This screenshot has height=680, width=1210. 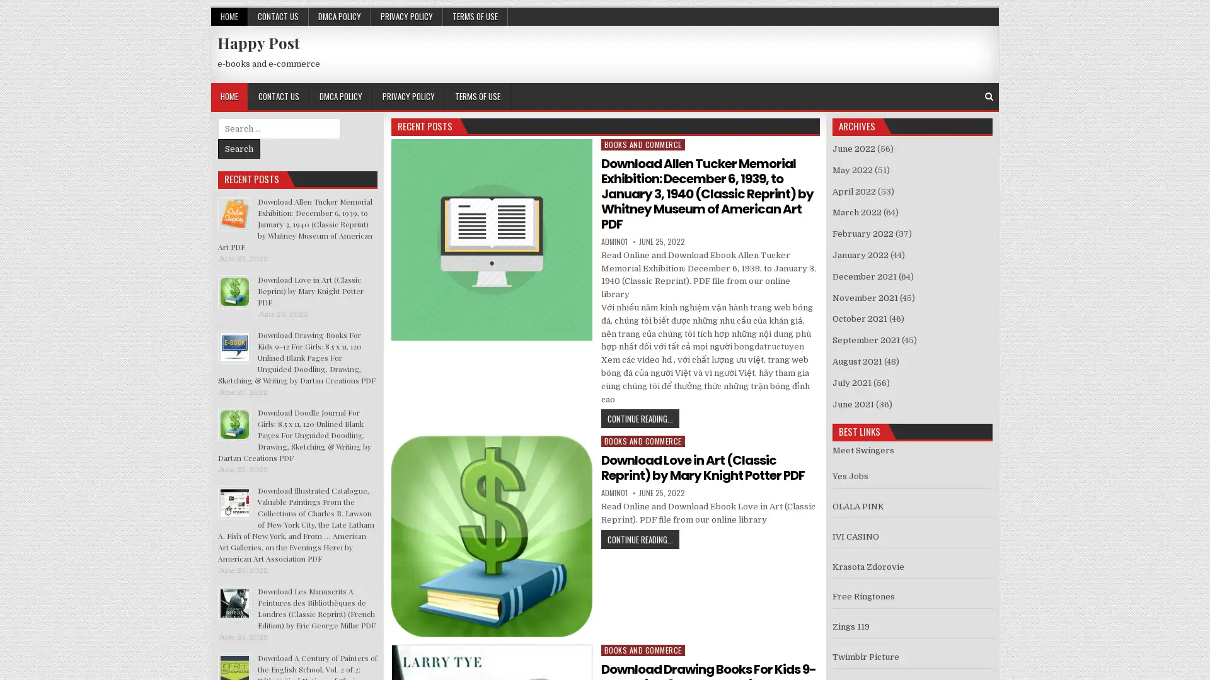 What do you see at coordinates (238, 148) in the screenshot?
I see `Search` at bounding box center [238, 148].